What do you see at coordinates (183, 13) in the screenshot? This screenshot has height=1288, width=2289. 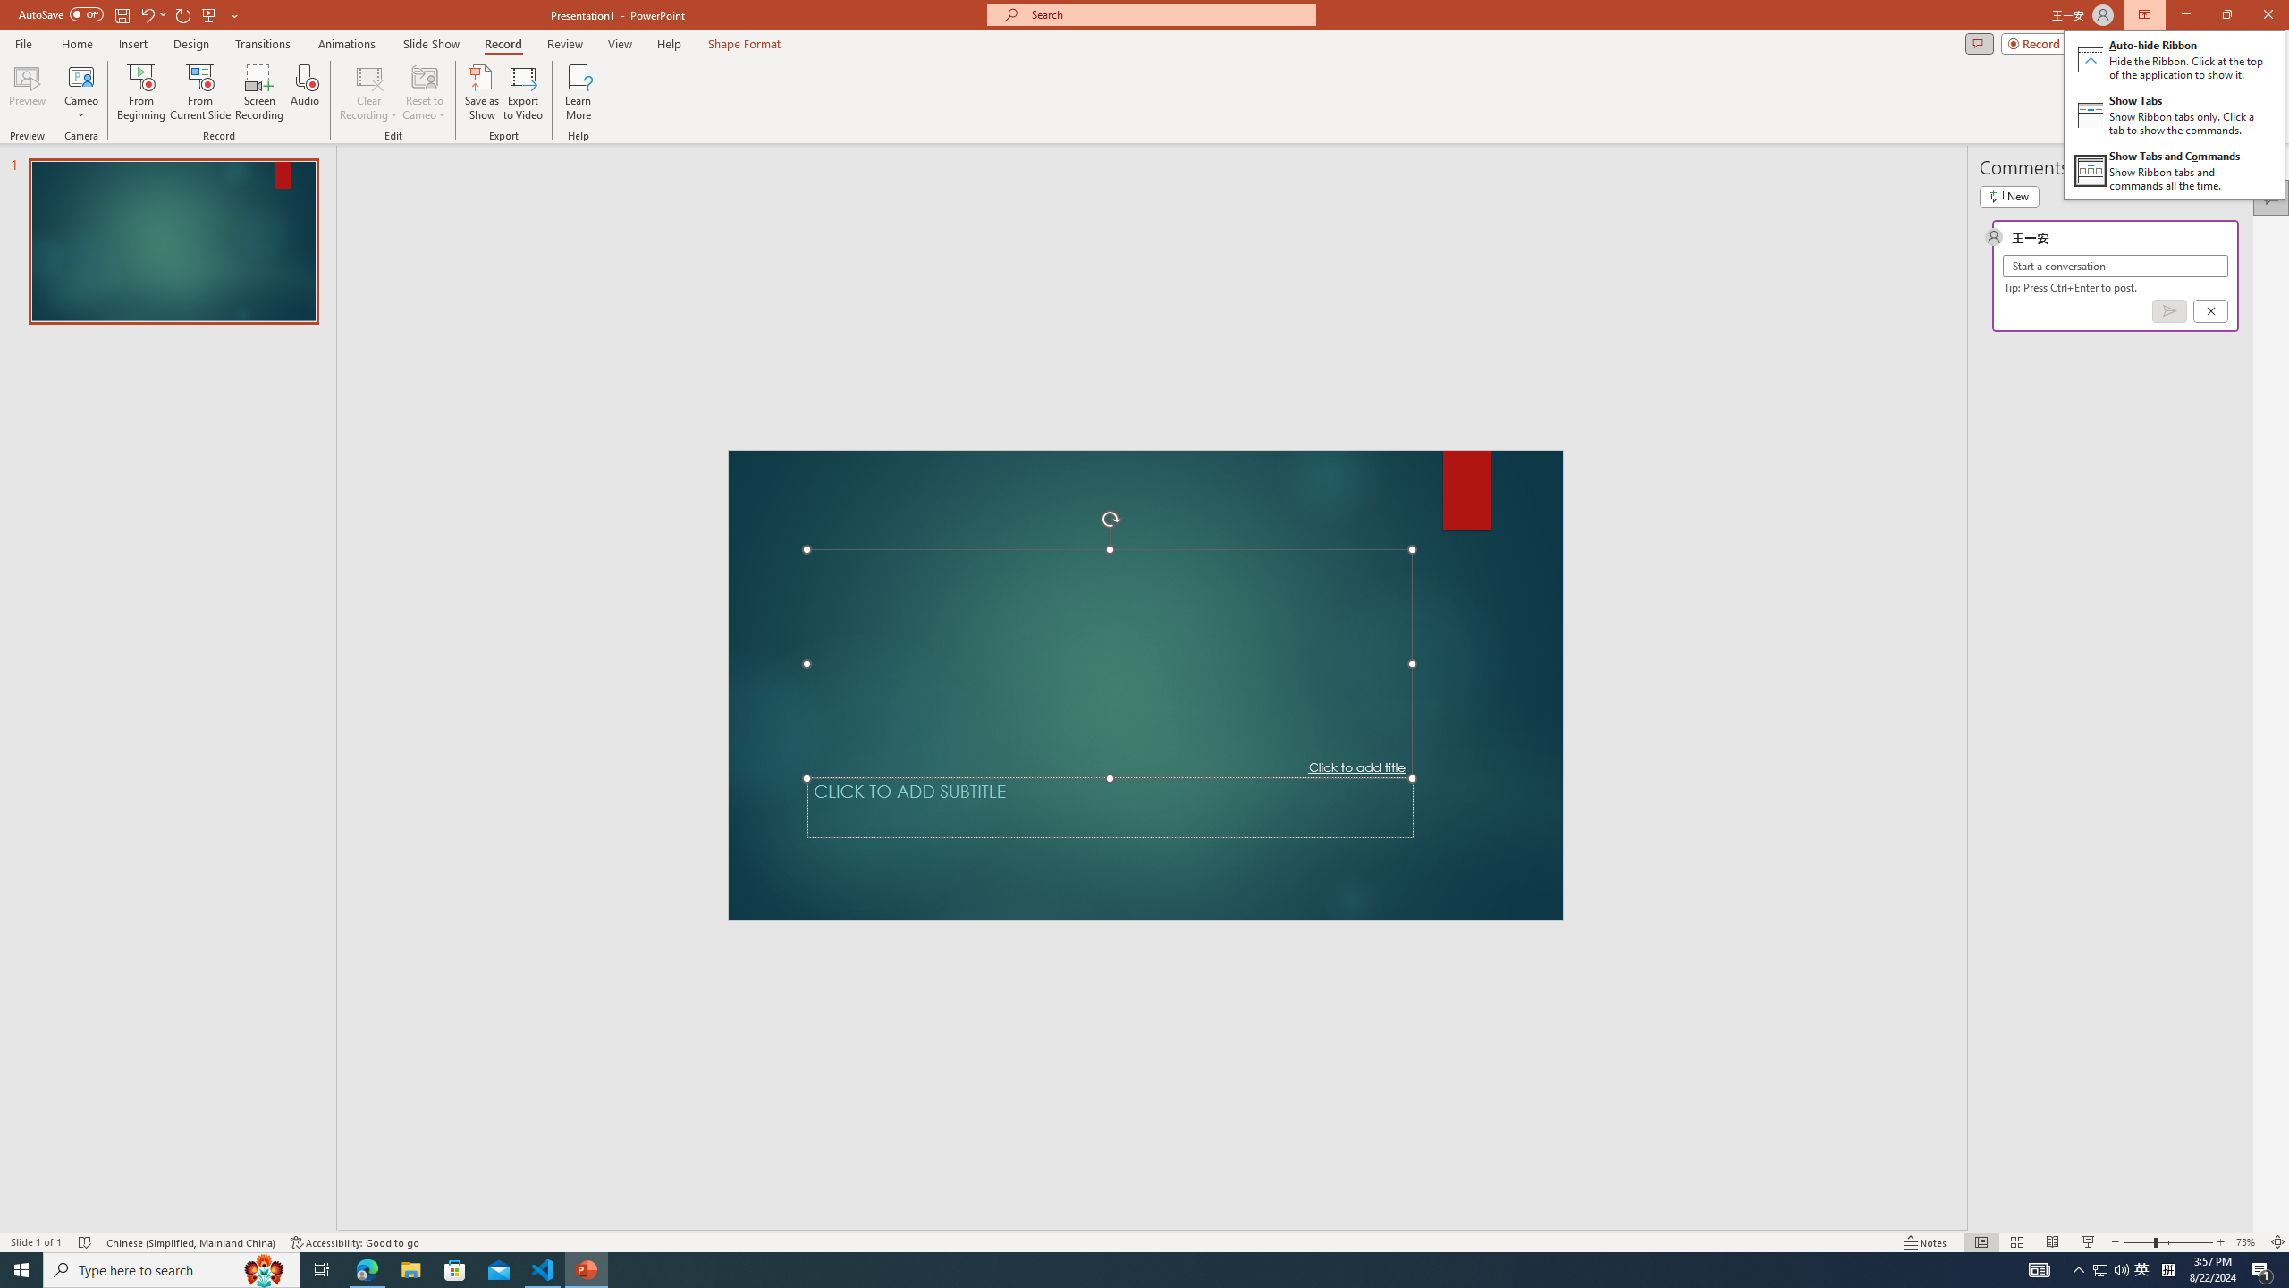 I see `'Redo'` at bounding box center [183, 13].